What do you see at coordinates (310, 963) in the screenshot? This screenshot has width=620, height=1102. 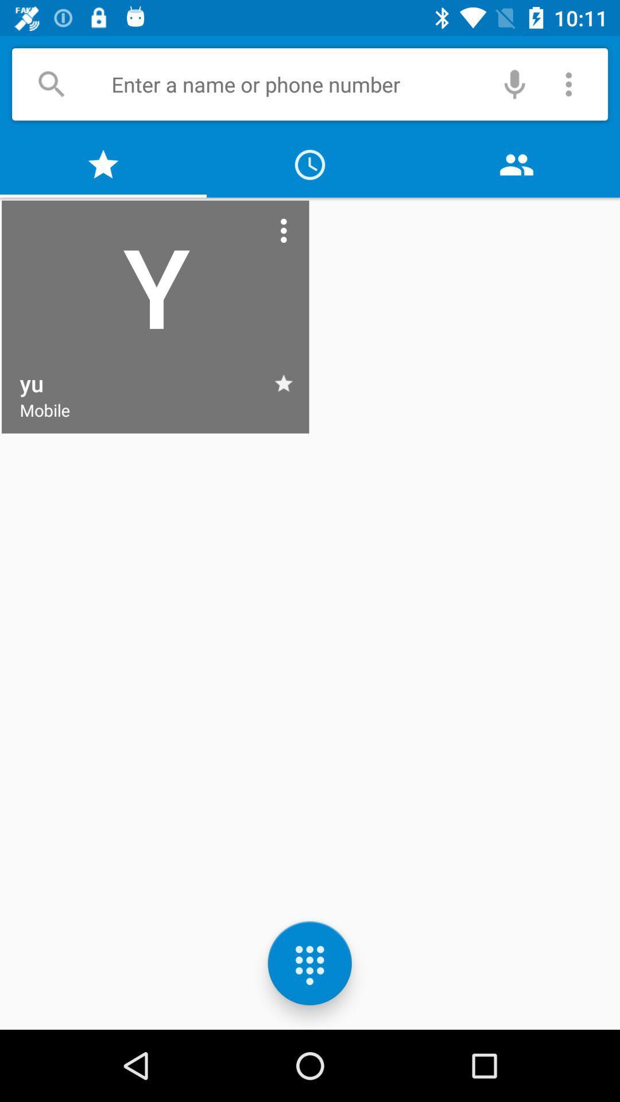 I see `the dialpad icon` at bounding box center [310, 963].